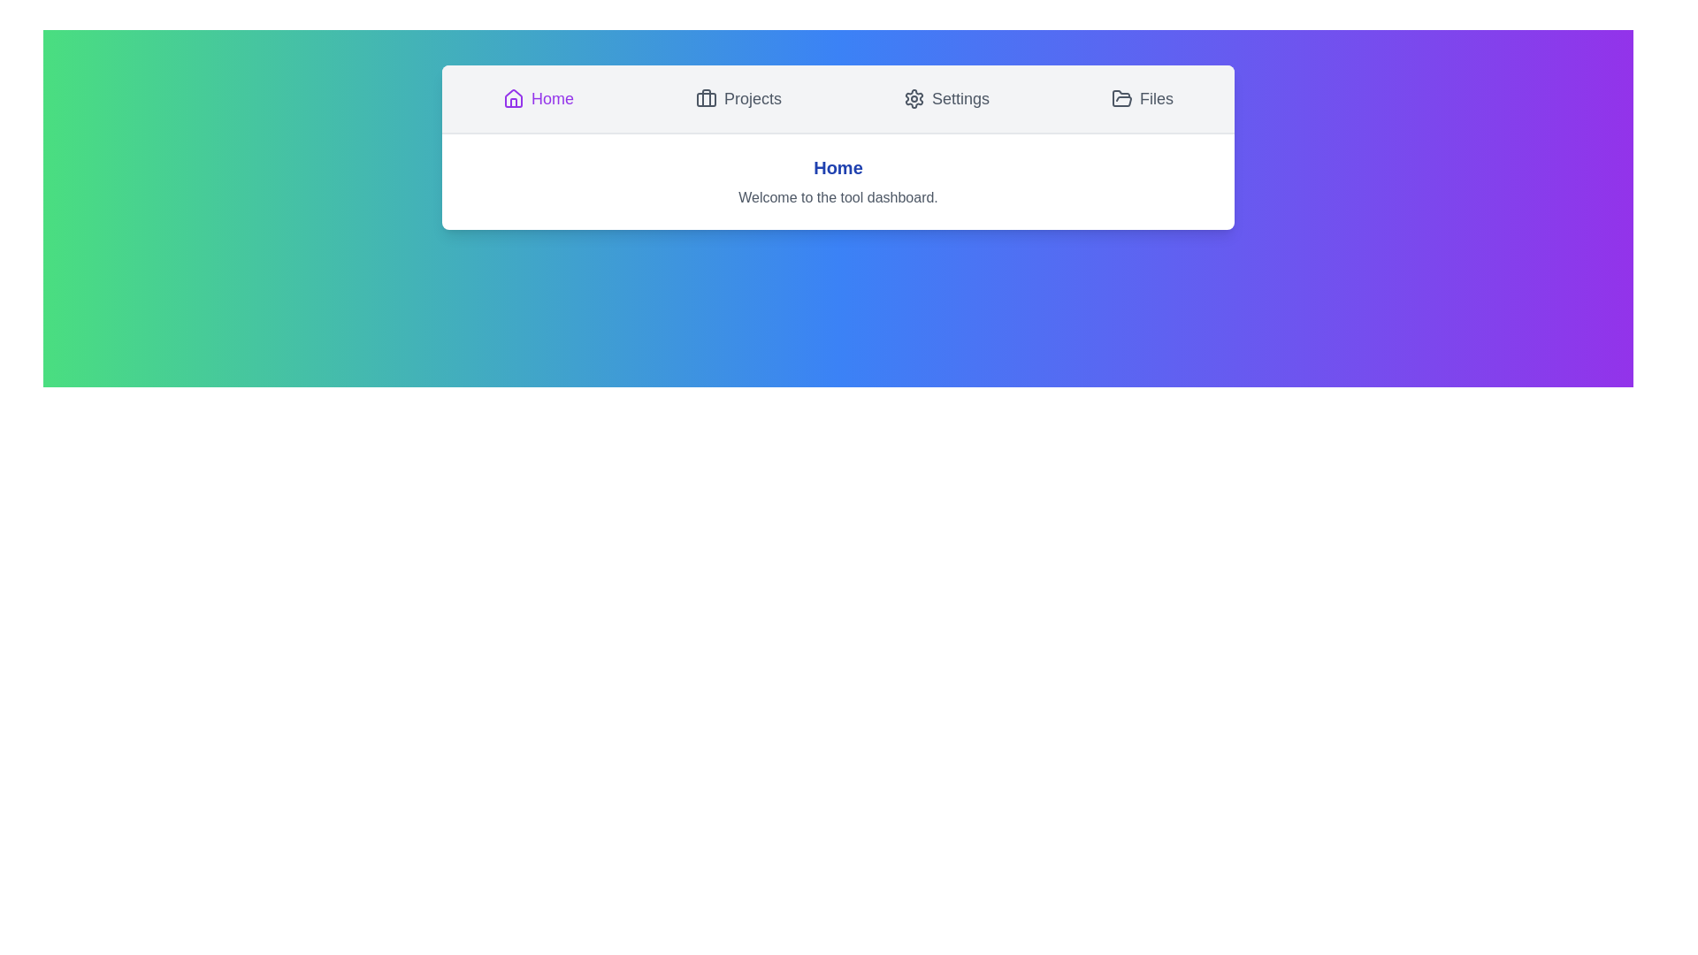 The width and height of the screenshot is (1698, 955). Describe the element at coordinates (738, 98) in the screenshot. I see `the Projects tab by clicking its button in the navigation bar` at that location.